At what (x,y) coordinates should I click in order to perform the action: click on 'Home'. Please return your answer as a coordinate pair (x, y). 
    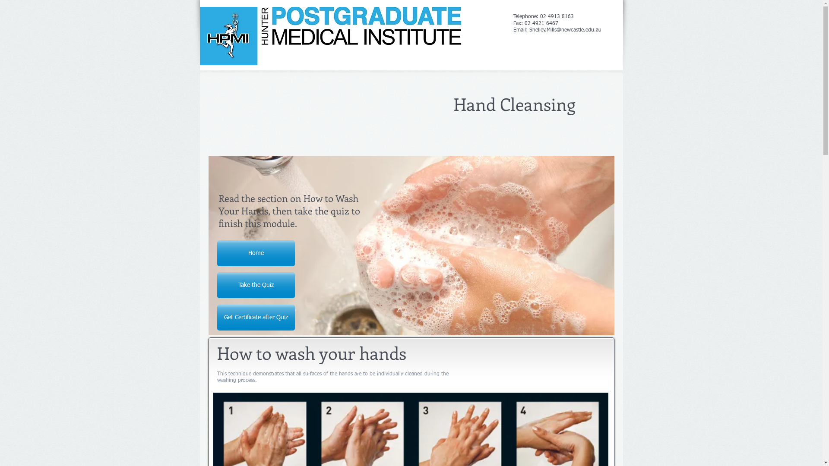
    Looking at the image, I should click on (255, 252).